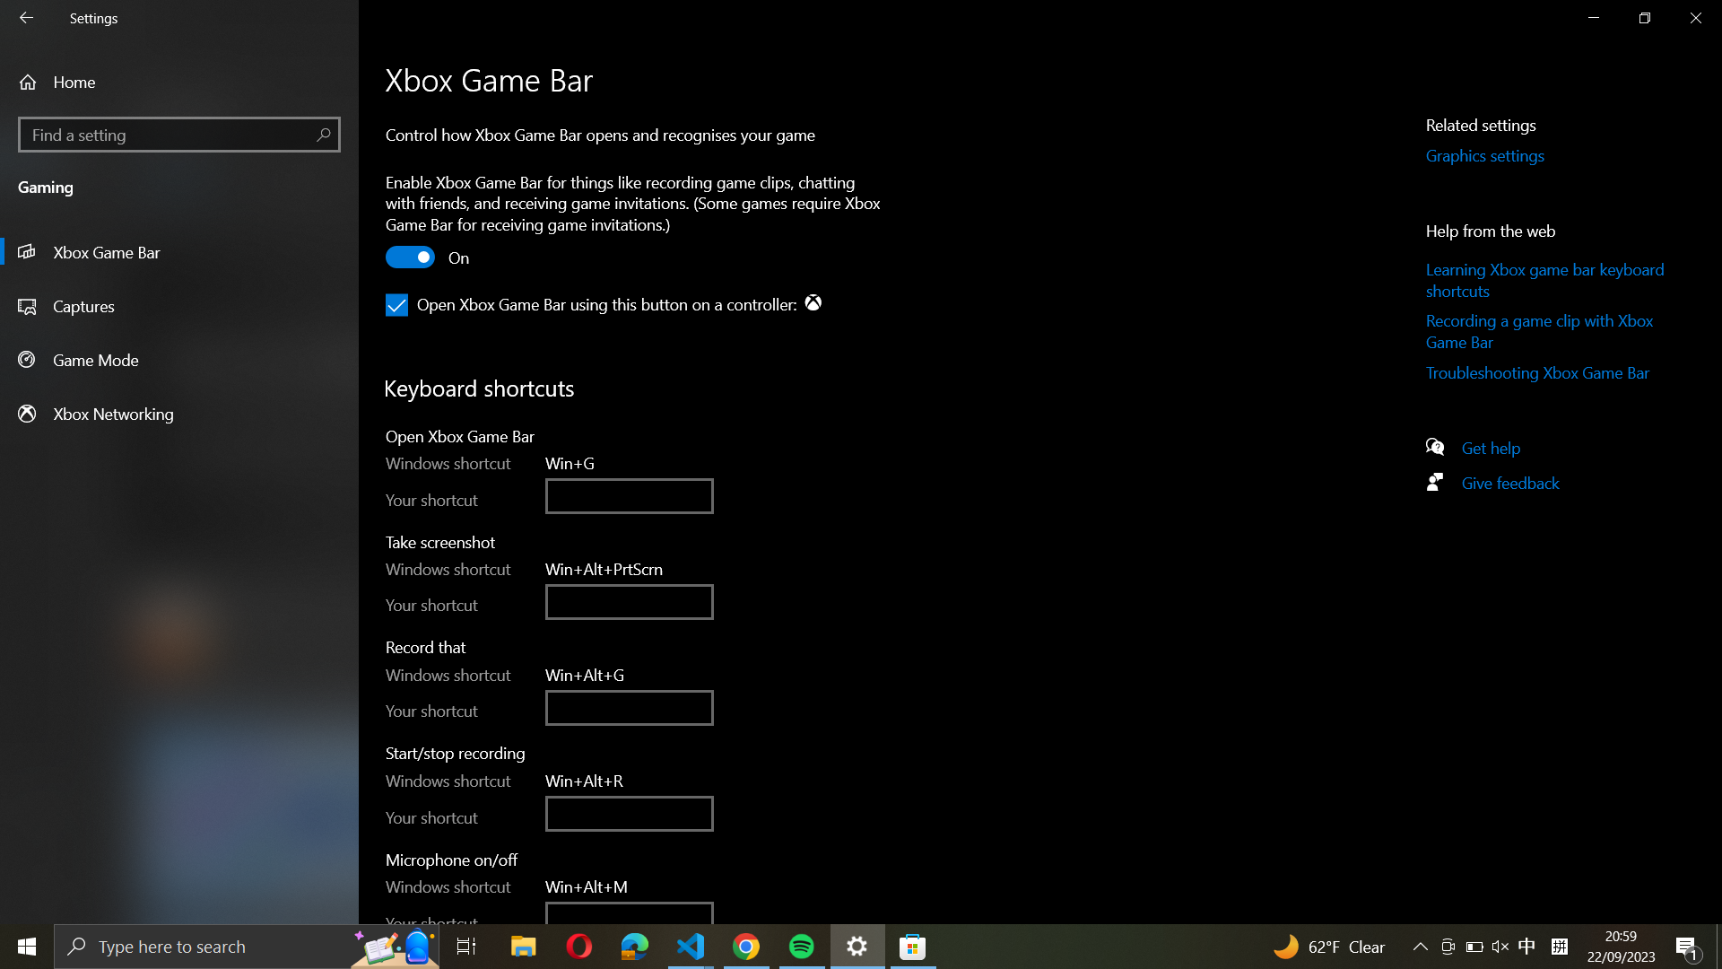  What do you see at coordinates (178, 134) in the screenshot?
I see `the "Find a Setting" function` at bounding box center [178, 134].